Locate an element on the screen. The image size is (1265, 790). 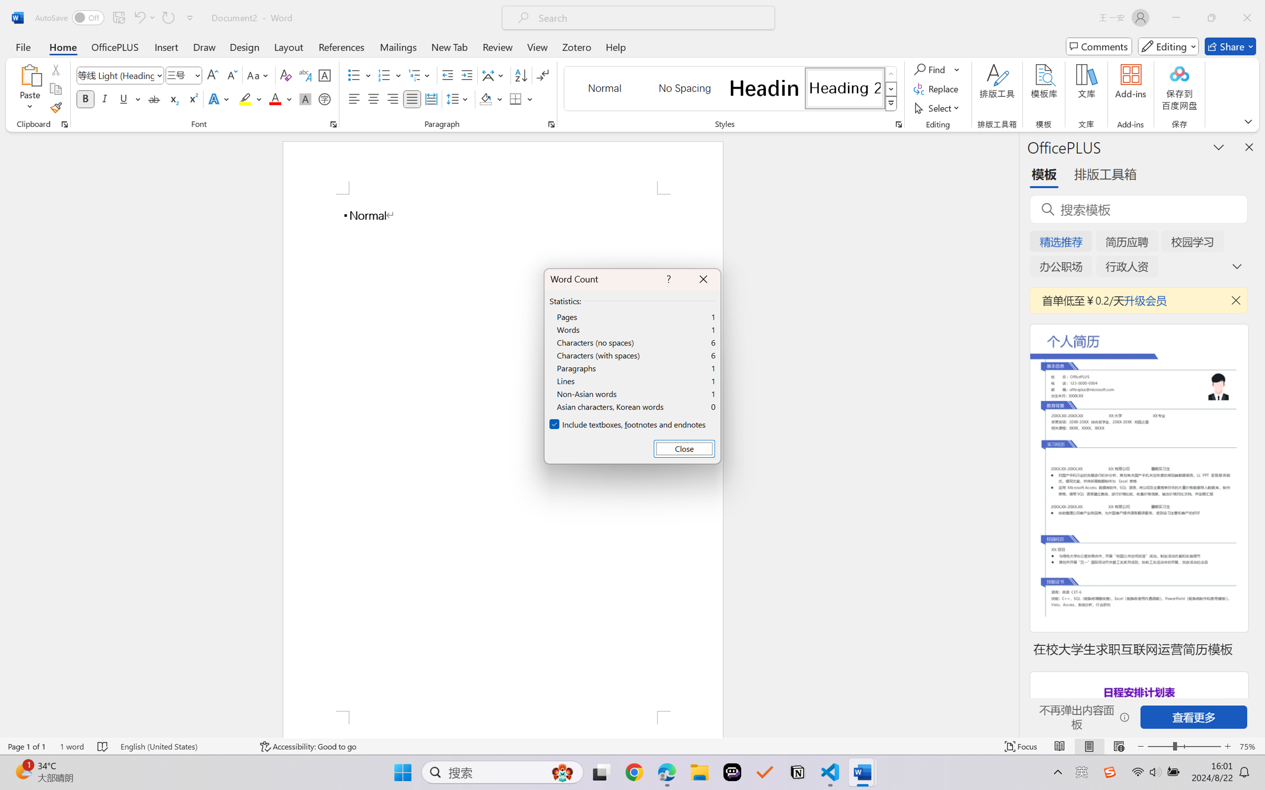
'Text Effects and Typography' is located at coordinates (220, 98).